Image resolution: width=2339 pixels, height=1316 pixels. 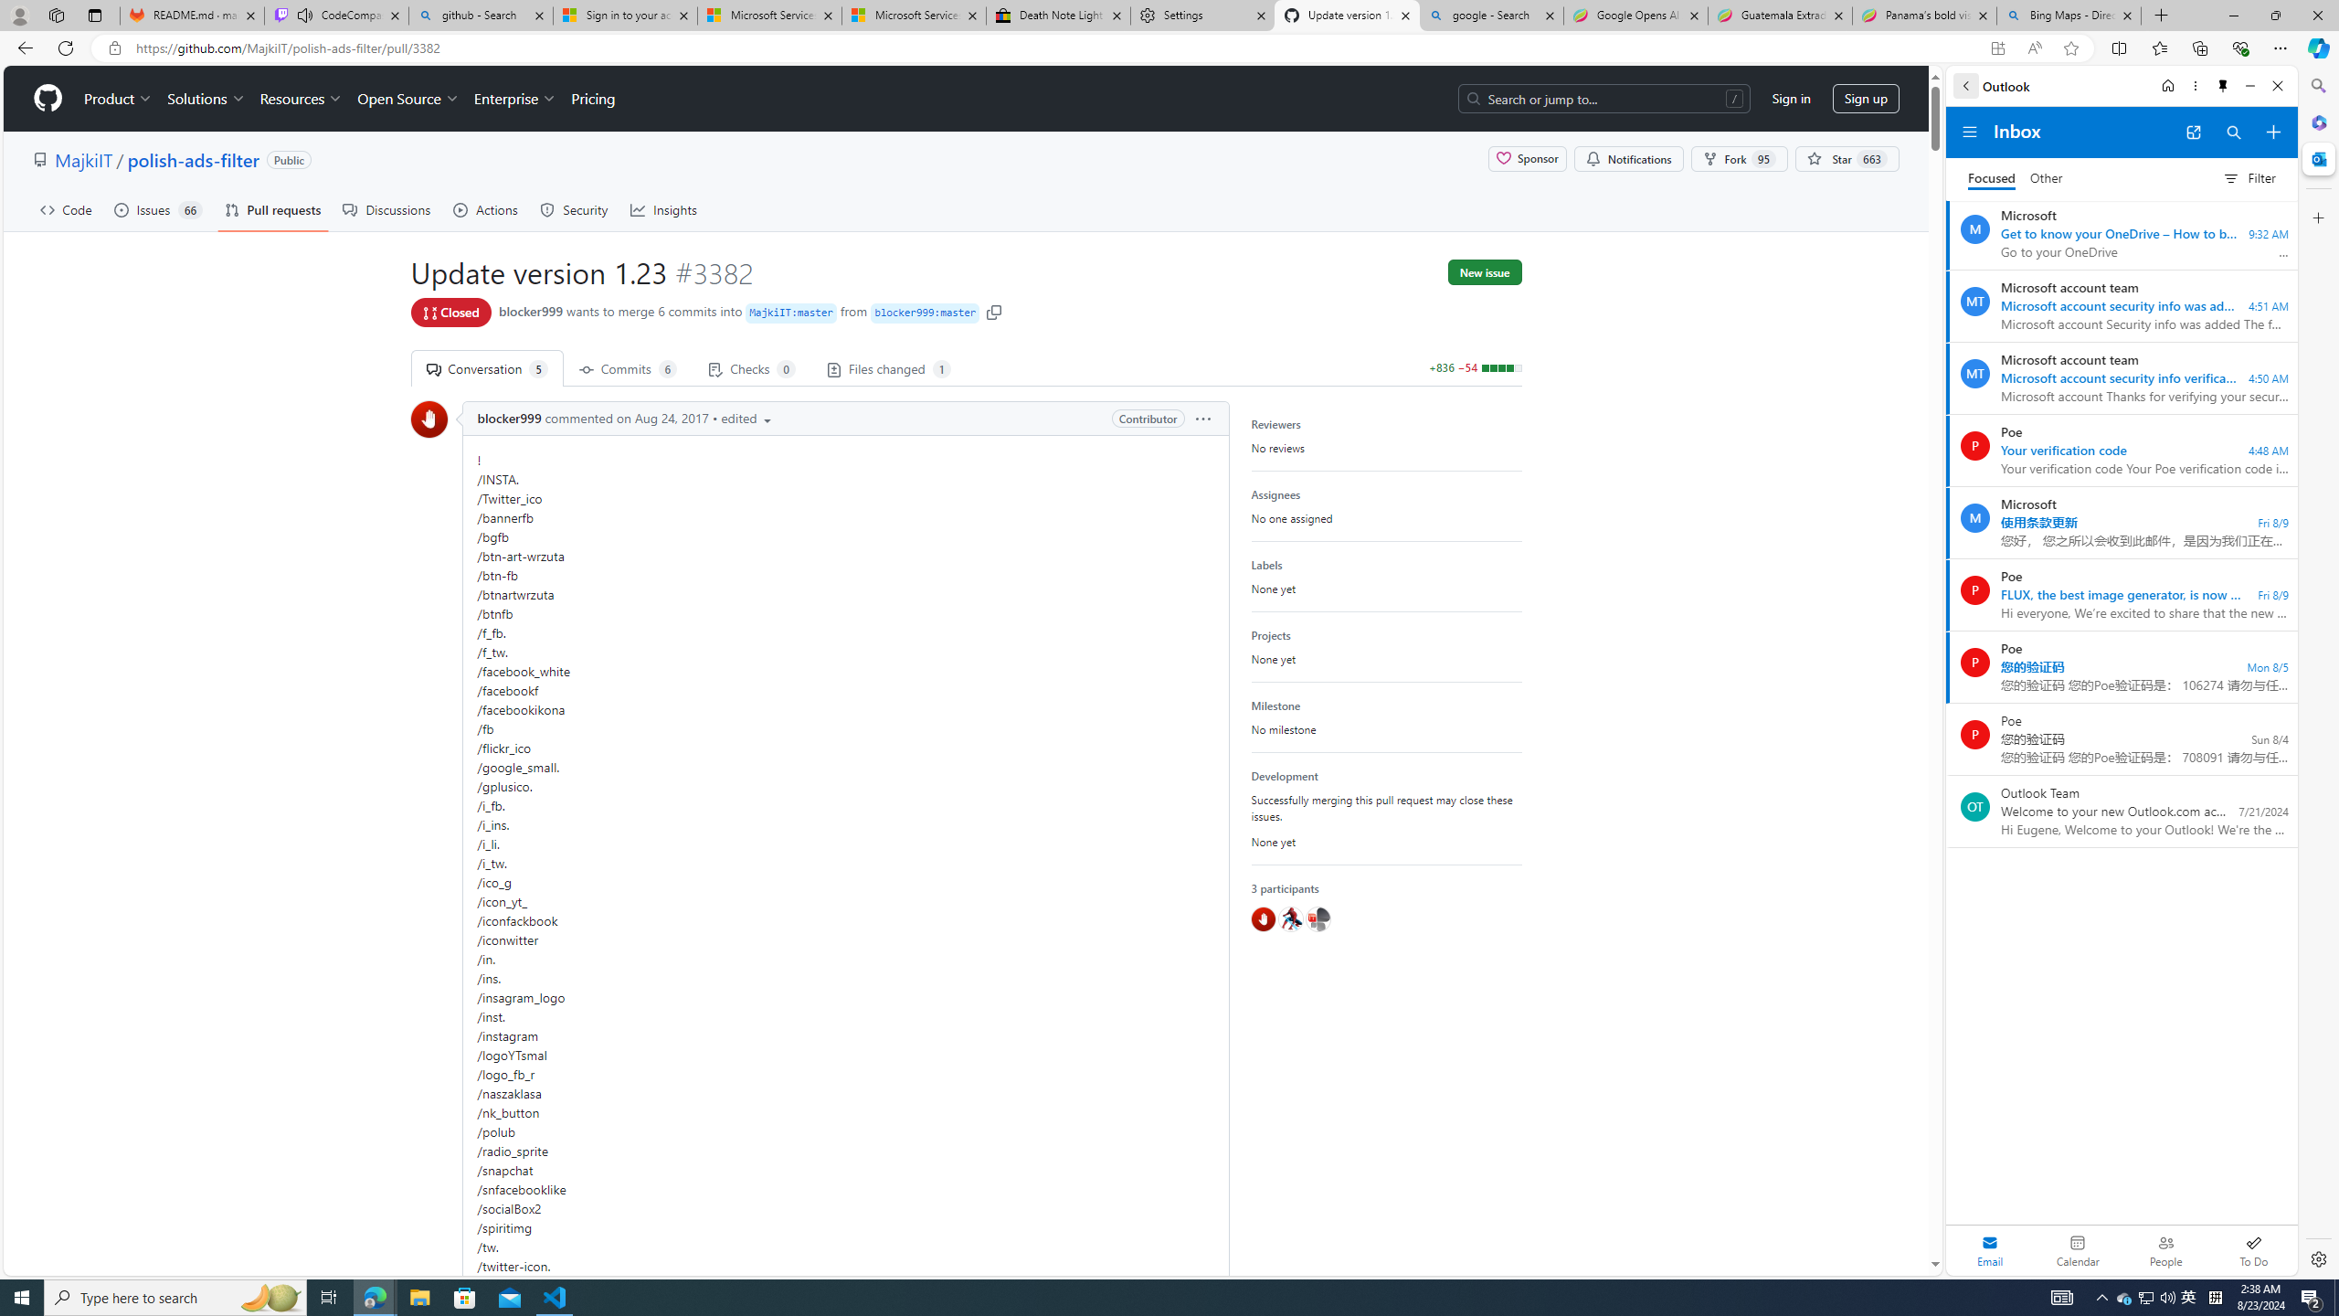 What do you see at coordinates (627, 367) in the screenshot?
I see `' Commits 6'` at bounding box center [627, 367].